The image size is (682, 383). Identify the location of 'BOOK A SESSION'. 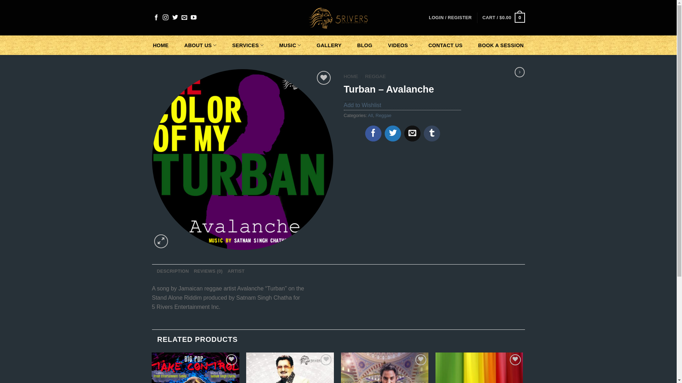
(478, 45).